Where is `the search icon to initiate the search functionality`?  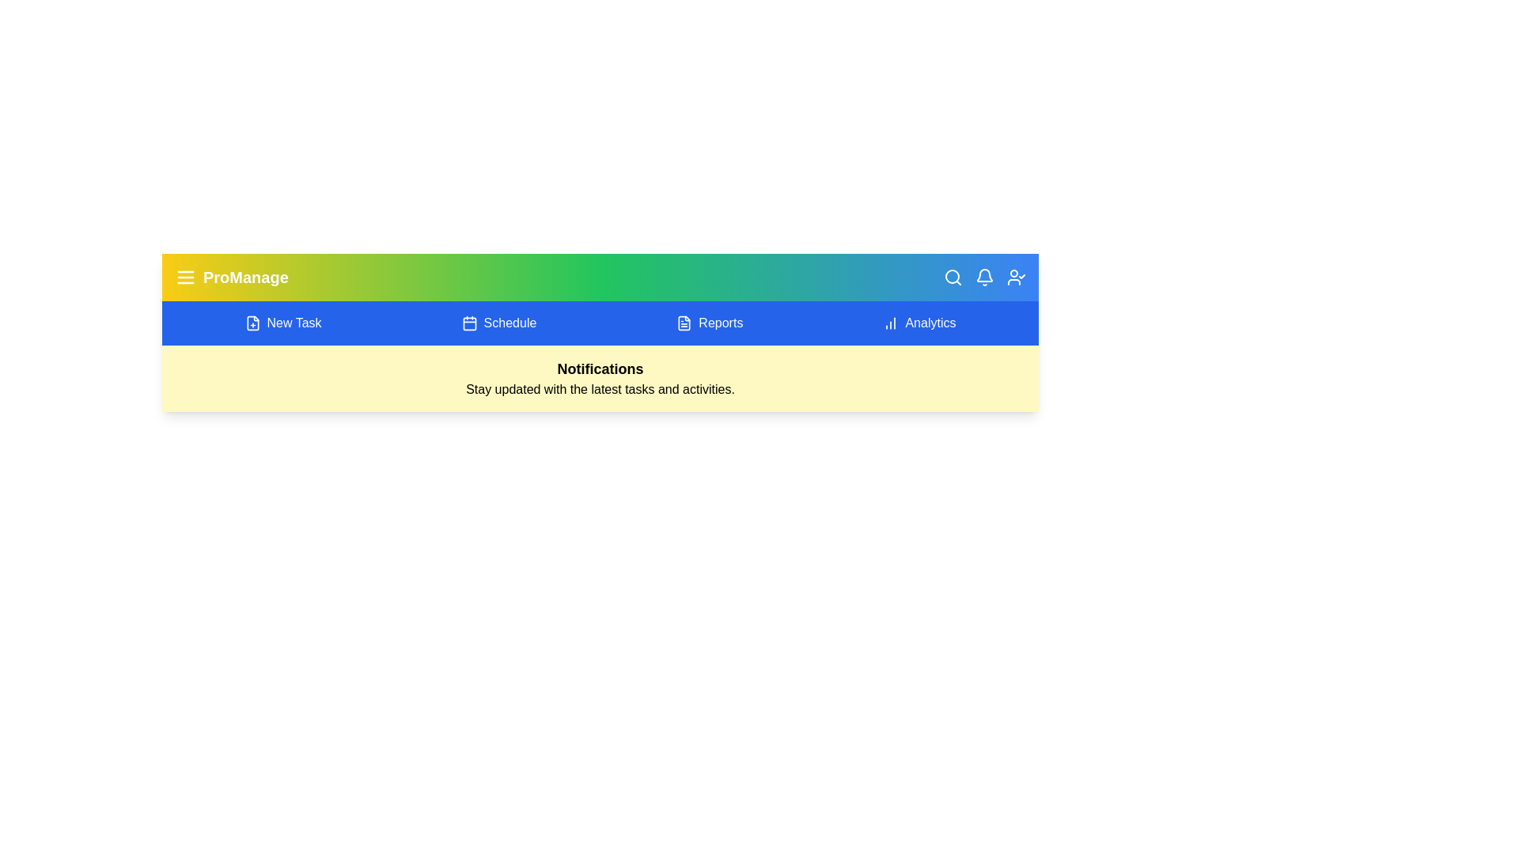 the search icon to initiate the search functionality is located at coordinates (952, 277).